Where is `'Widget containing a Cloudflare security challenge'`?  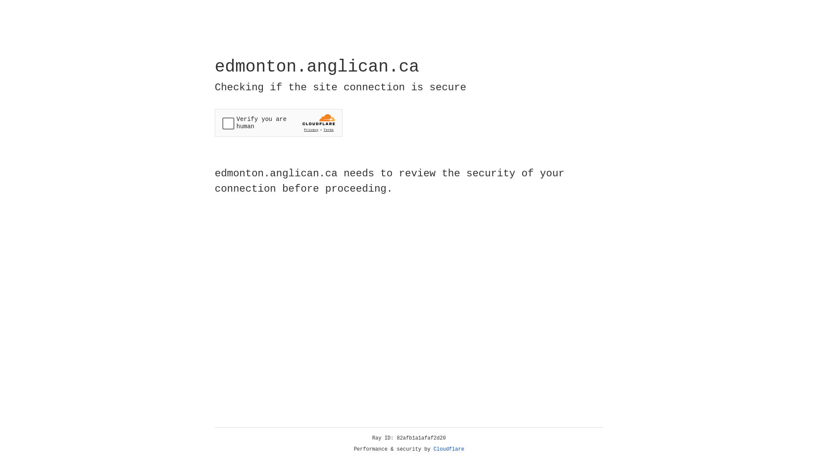
'Widget containing a Cloudflare security challenge' is located at coordinates (278, 123).